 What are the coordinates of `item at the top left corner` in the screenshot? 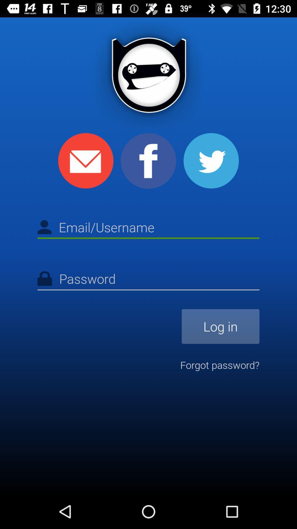 It's located at (86, 160).